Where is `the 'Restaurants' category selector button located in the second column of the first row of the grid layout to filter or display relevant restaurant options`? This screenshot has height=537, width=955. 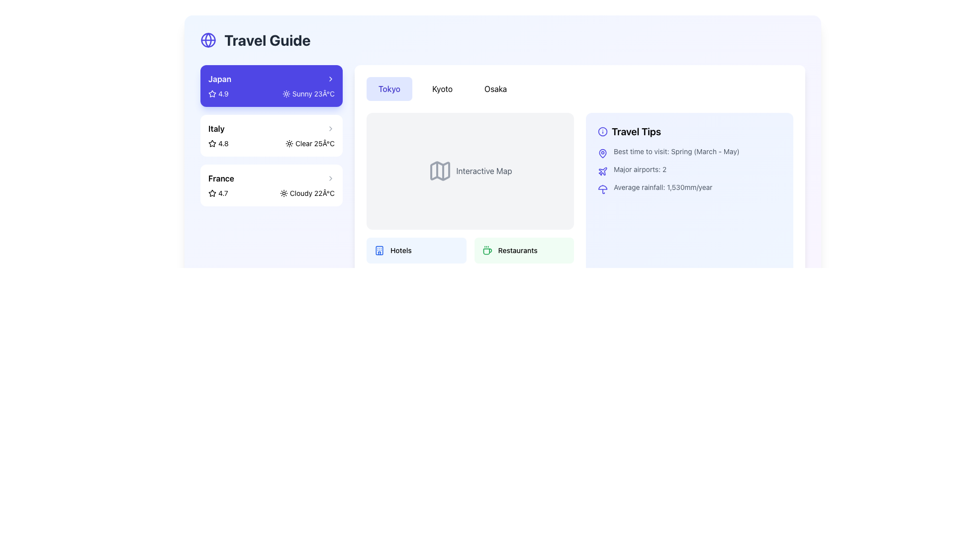
the 'Restaurants' category selector button located in the second column of the first row of the grid layout to filter or display relevant restaurant options is located at coordinates (523, 250).